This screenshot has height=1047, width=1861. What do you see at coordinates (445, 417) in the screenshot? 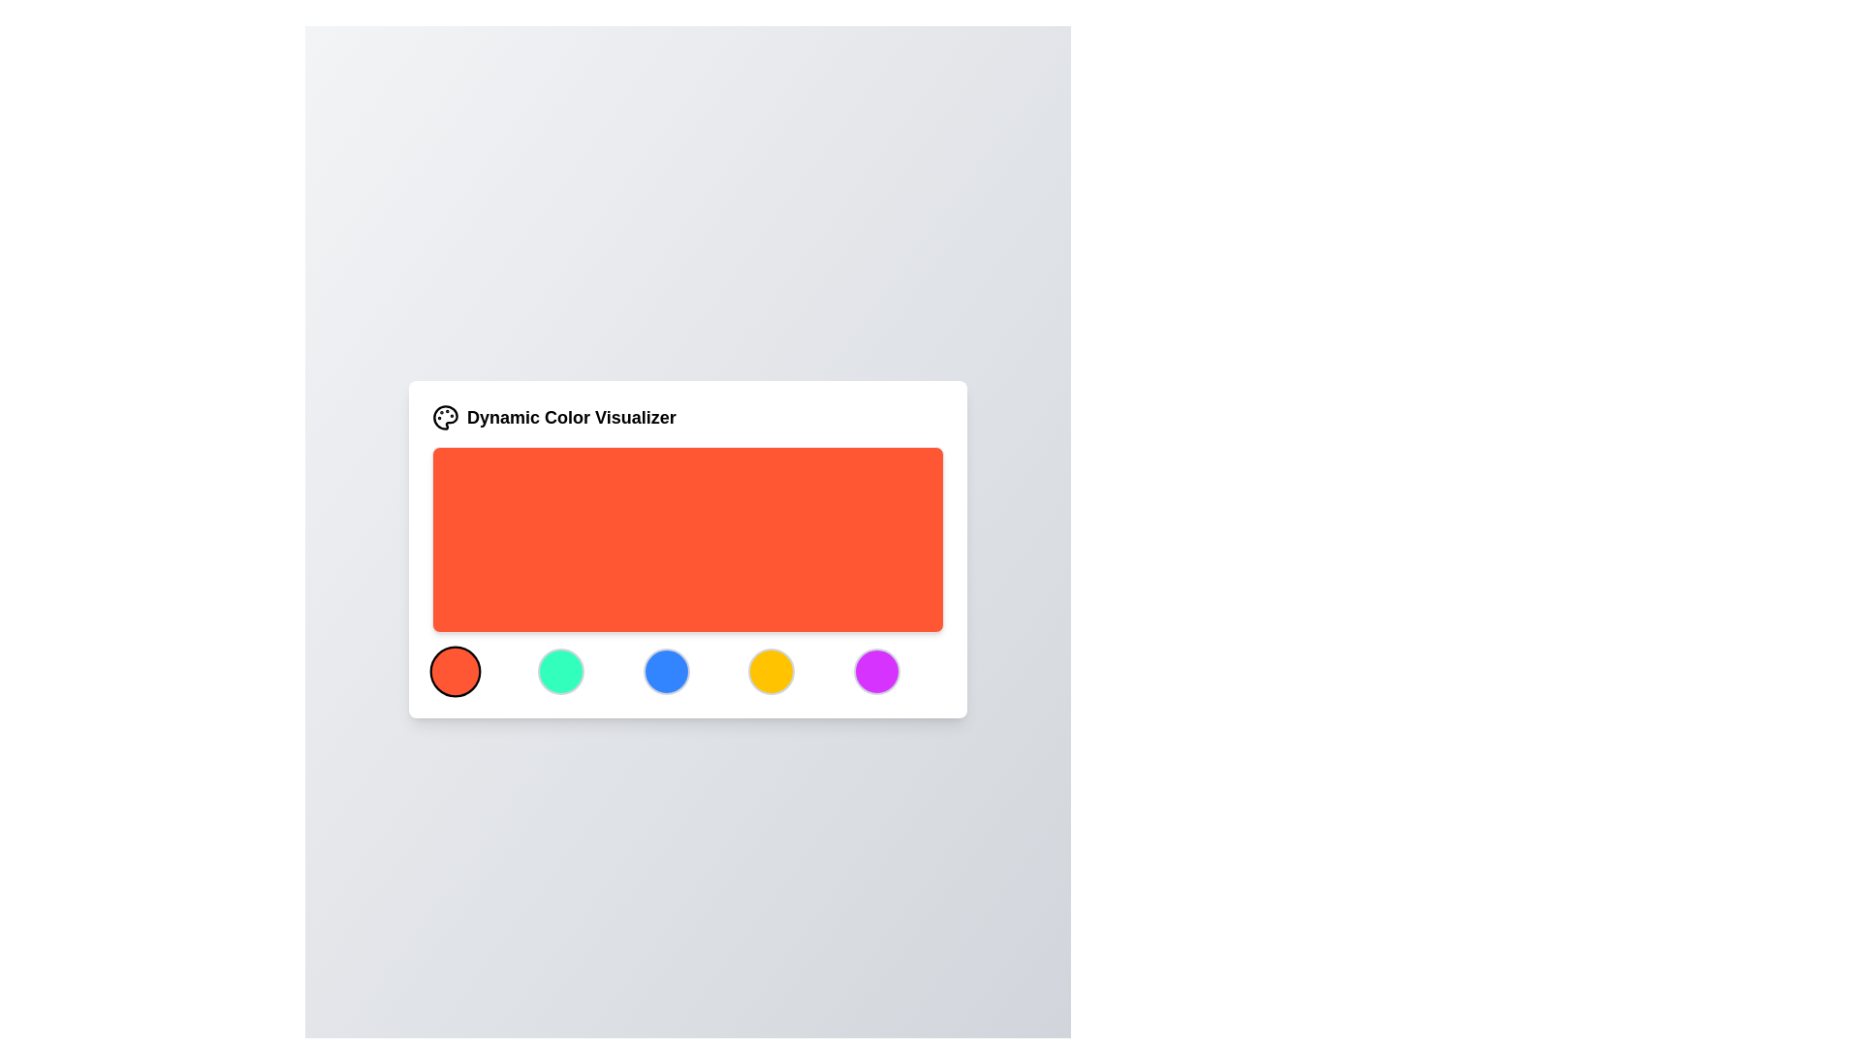
I see `the decorative icon located to the far left of the header section of the 'Dynamic Color Visualizer' component, preceding the text label 'Dynamic Color Visualizer'` at bounding box center [445, 417].